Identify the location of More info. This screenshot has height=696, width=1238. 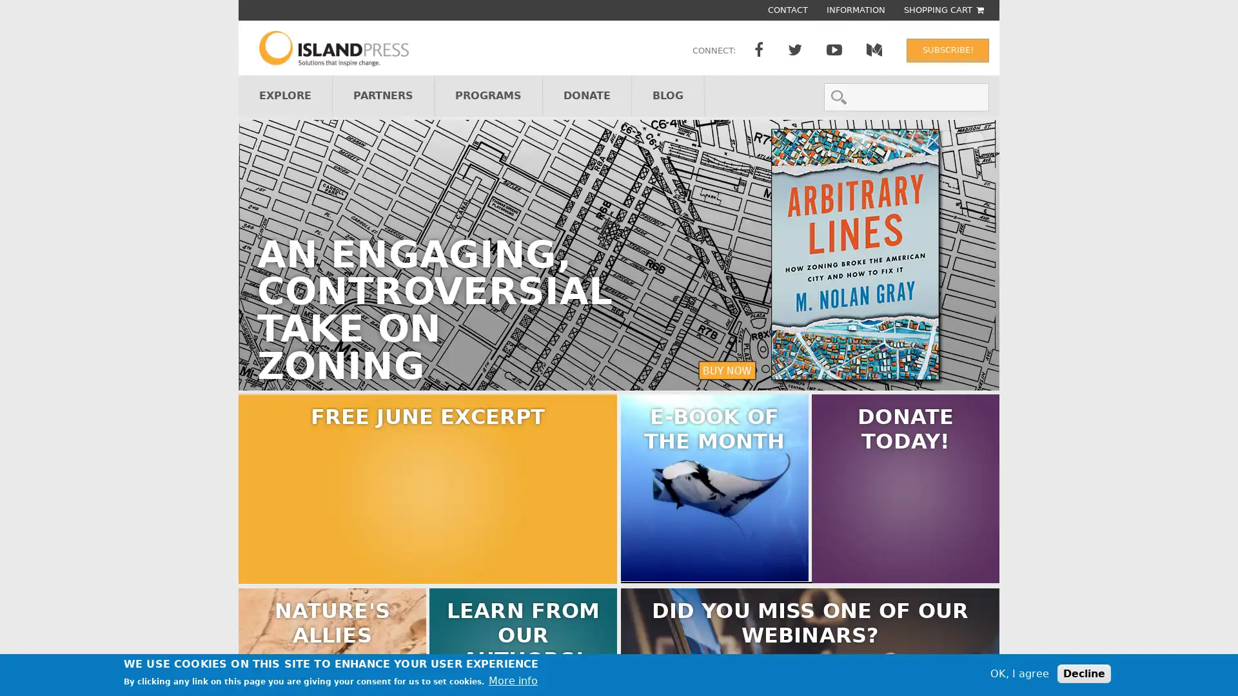
(513, 680).